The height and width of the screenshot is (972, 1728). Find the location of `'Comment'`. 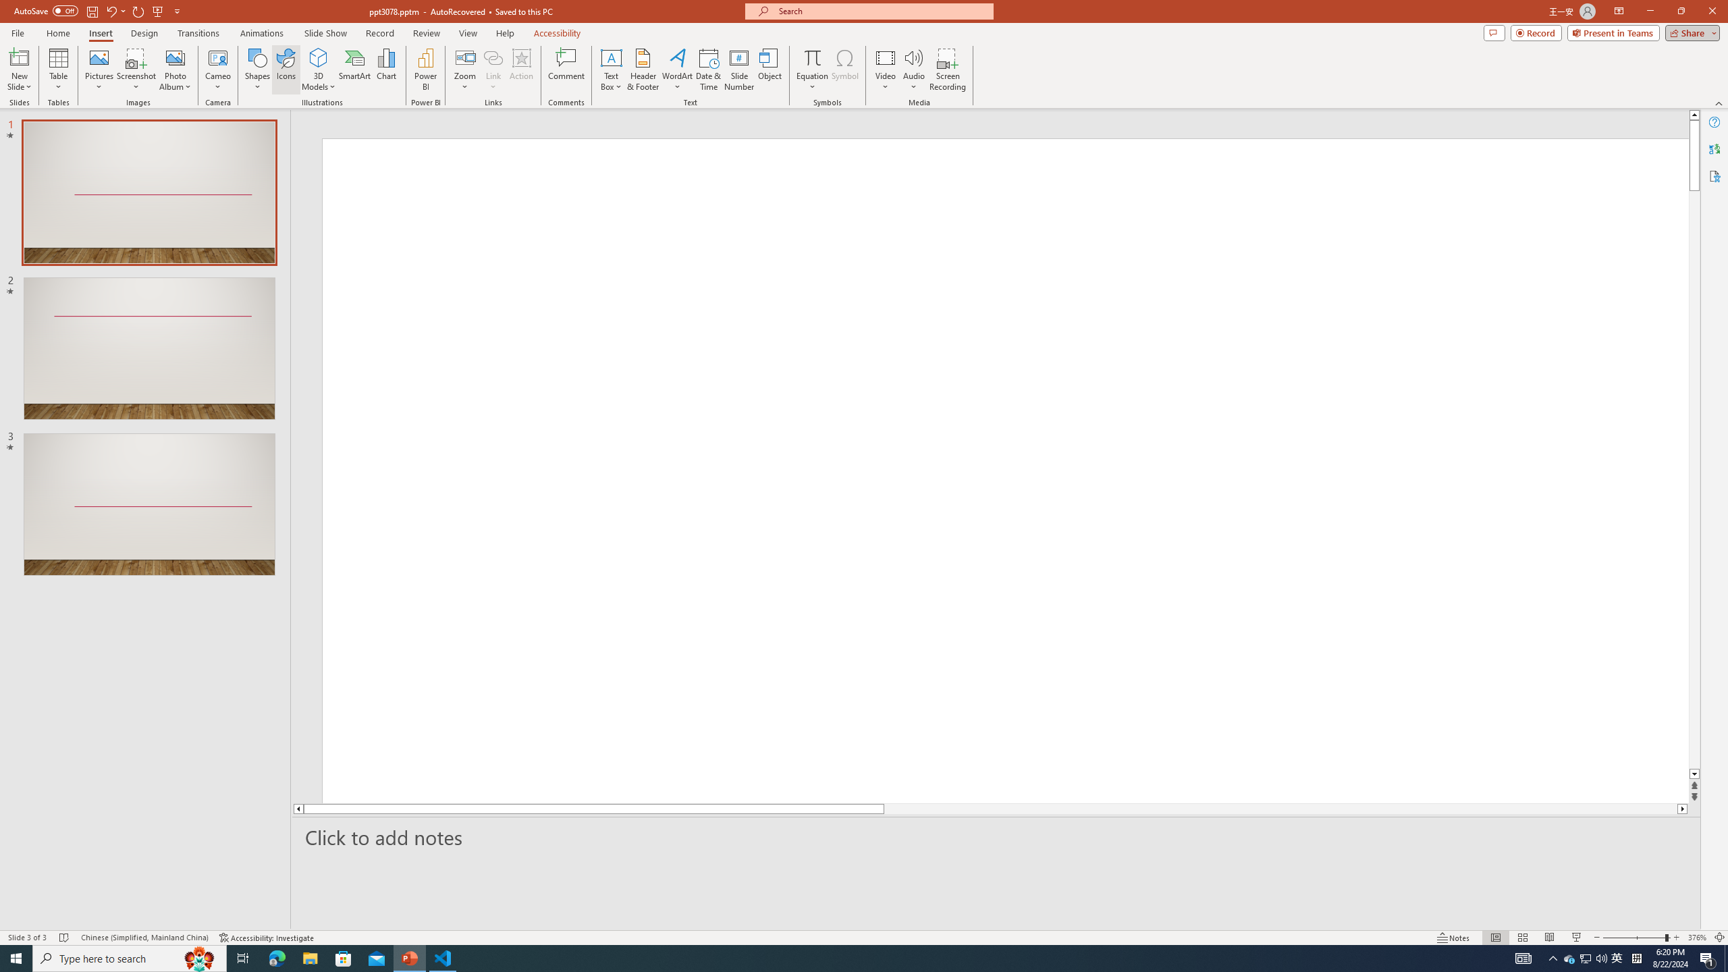

'Comment' is located at coordinates (565, 70).